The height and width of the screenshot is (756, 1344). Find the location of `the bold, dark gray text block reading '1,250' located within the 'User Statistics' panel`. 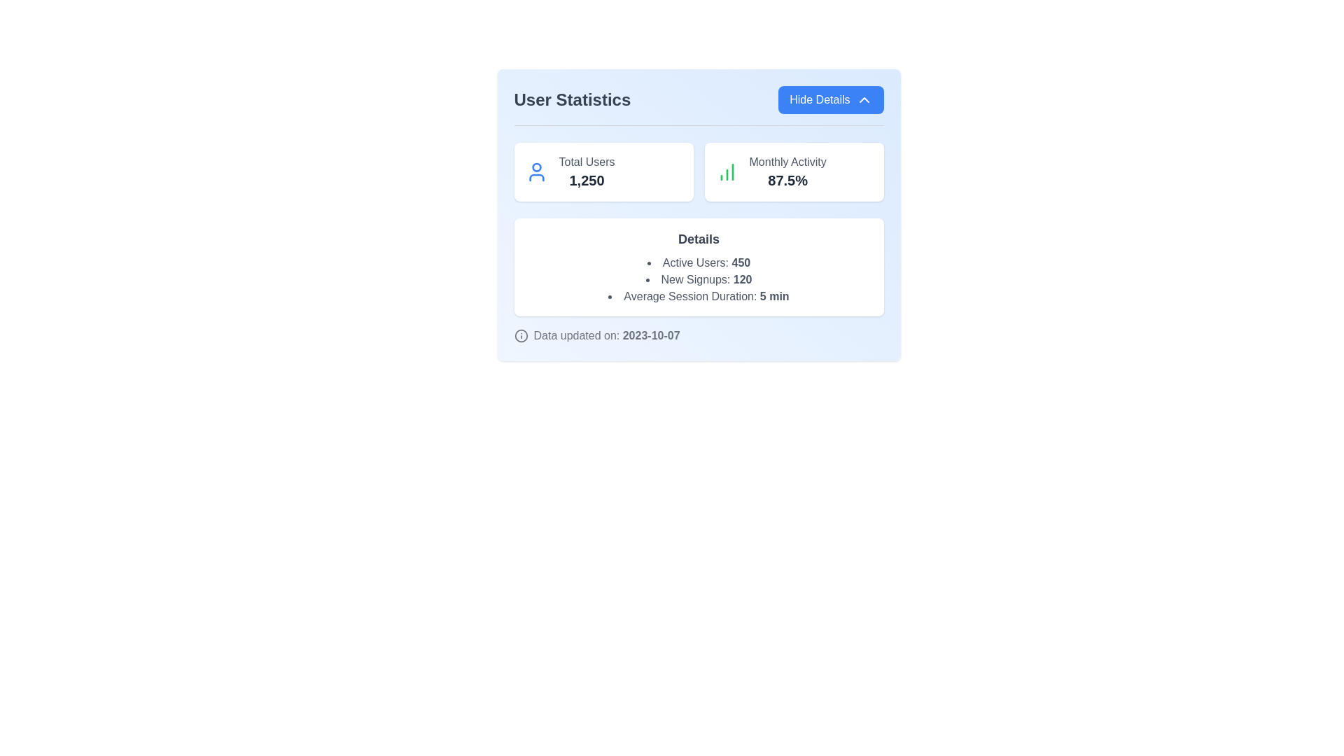

the bold, dark gray text block reading '1,250' located within the 'User Statistics' panel is located at coordinates (587, 180).